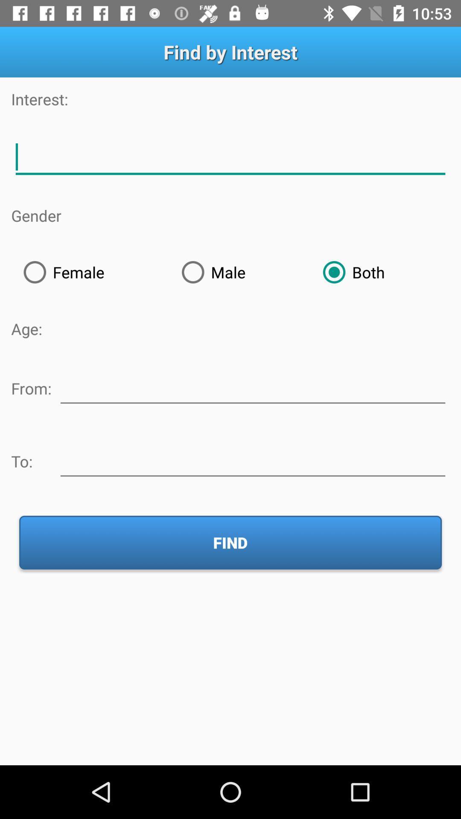 The width and height of the screenshot is (461, 819). Describe the element at coordinates (379, 272) in the screenshot. I see `icon at the top right corner` at that location.